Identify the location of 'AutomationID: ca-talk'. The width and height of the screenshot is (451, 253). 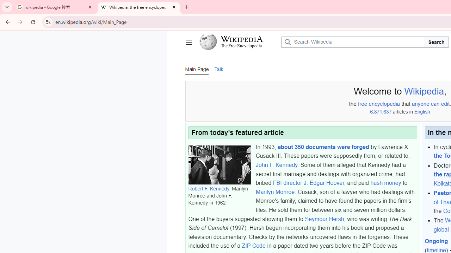
(218, 69).